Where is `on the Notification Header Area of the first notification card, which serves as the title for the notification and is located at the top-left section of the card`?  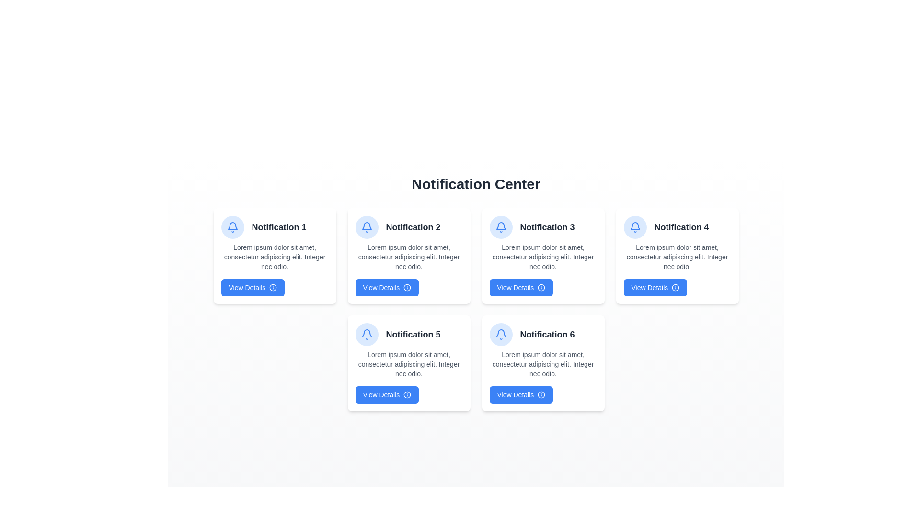
on the Notification Header Area of the first notification card, which serves as the title for the notification and is located at the top-left section of the card is located at coordinates (274, 227).